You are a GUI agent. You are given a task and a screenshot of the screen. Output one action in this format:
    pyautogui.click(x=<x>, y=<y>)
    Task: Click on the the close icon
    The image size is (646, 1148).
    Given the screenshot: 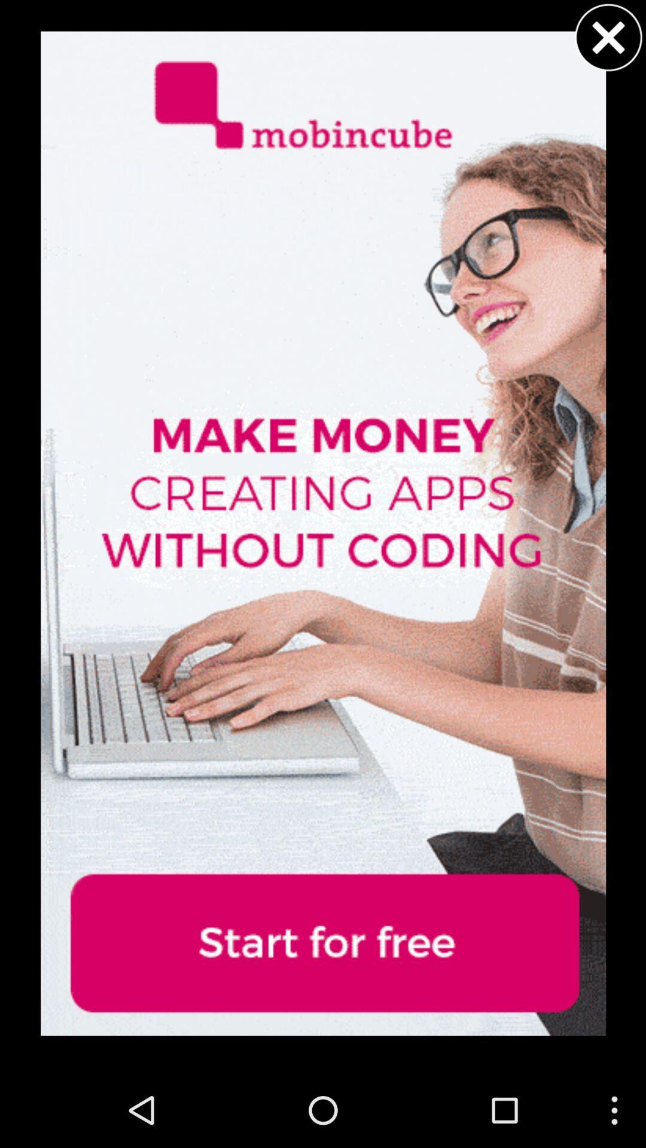 What is the action you would take?
    pyautogui.click(x=608, y=40)
    